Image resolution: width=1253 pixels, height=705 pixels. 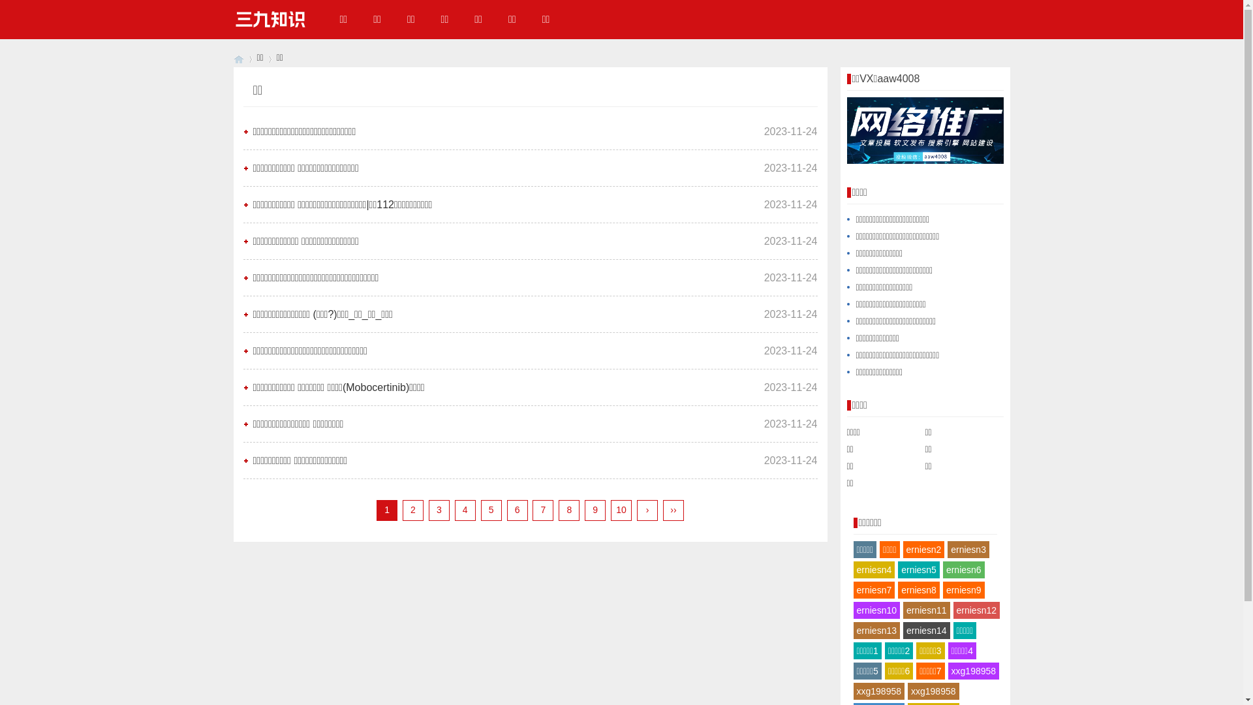 I want to click on '10', so click(x=620, y=510).